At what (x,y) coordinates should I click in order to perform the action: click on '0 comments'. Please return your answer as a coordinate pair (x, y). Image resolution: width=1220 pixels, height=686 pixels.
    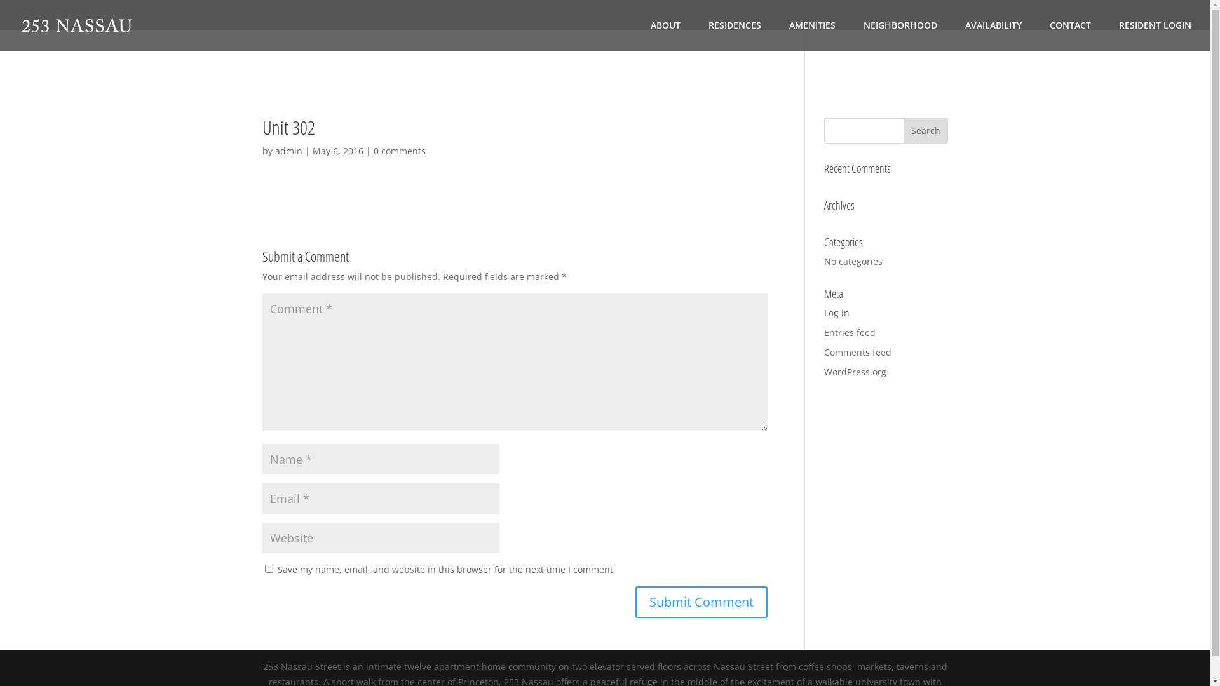
    Looking at the image, I should click on (398, 150).